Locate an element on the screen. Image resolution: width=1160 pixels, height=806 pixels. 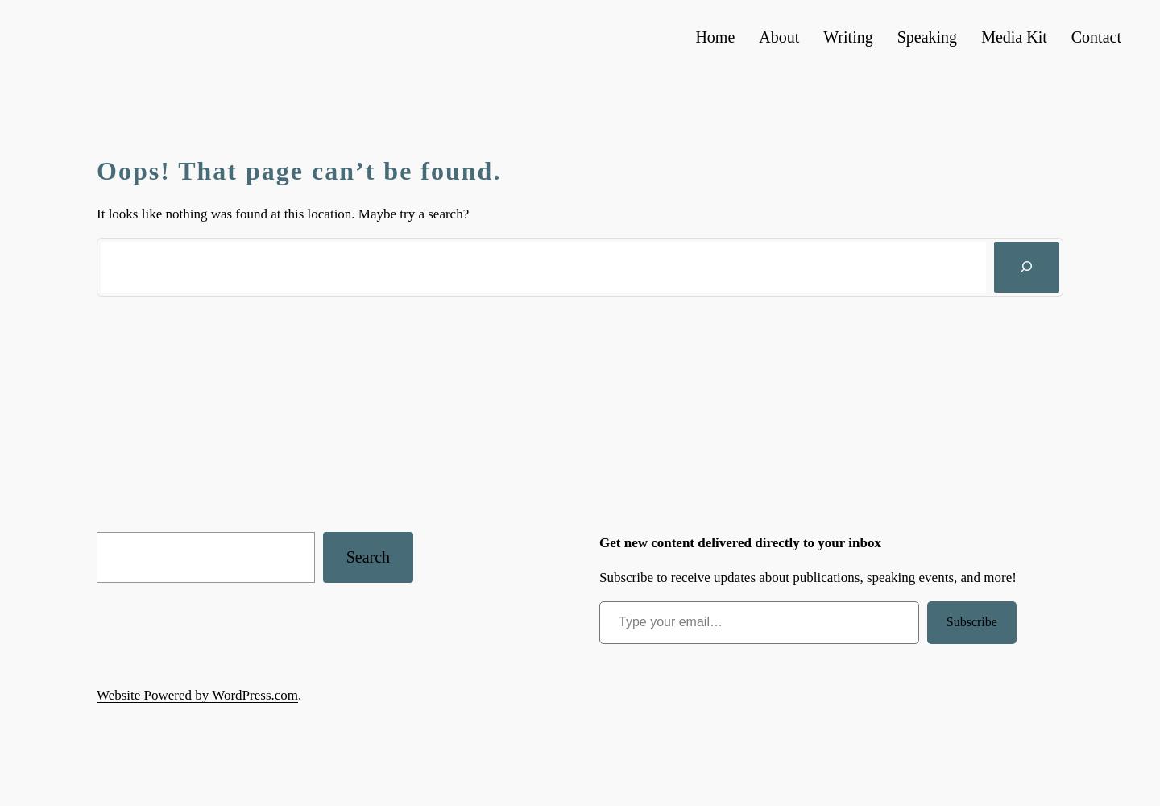
'Media Kit' is located at coordinates (1013, 37).